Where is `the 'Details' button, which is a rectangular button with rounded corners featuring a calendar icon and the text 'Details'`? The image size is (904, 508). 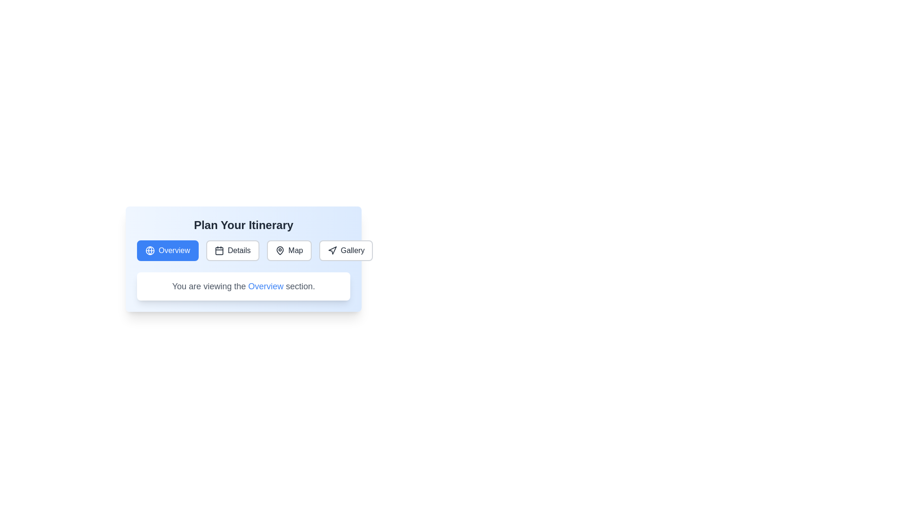 the 'Details' button, which is a rectangular button with rounded corners featuring a calendar icon and the text 'Details' is located at coordinates (233, 250).